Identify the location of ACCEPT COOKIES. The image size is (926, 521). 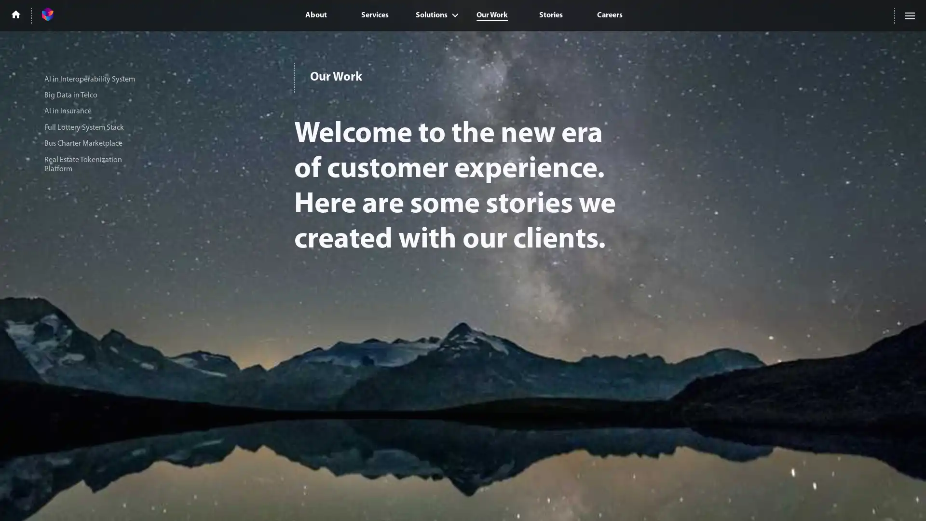
(792, 500).